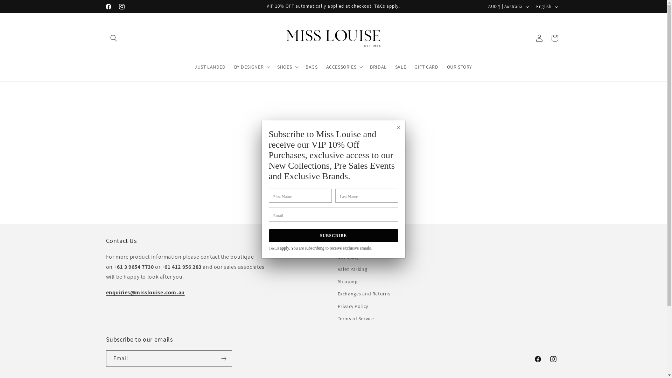  Describe the element at coordinates (554, 38) in the screenshot. I see `'Cart'` at that location.